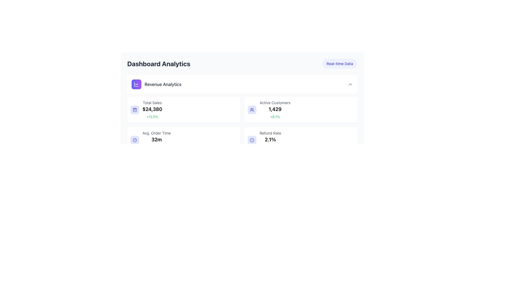 The image size is (521, 293). What do you see at coordinates (275, 109) in the screenshot?
I see `the text label that visually represents the count of active customers, located beneath 'Active Customers' and above '+8.1%' in the third section of the dashboard` at bounding box center [275, 109].